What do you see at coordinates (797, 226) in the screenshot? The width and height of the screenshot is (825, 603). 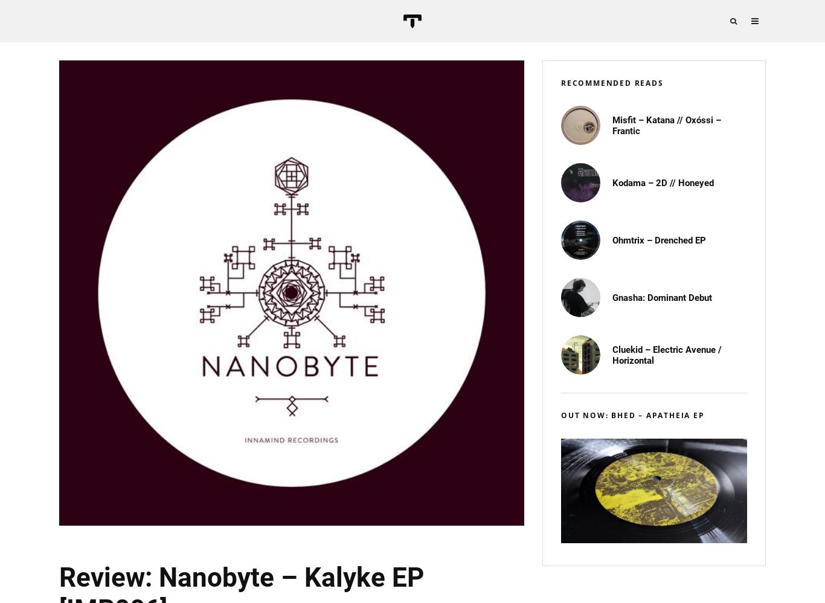 I see `'NEWSLETTER'` at bounding box center [797, 226].